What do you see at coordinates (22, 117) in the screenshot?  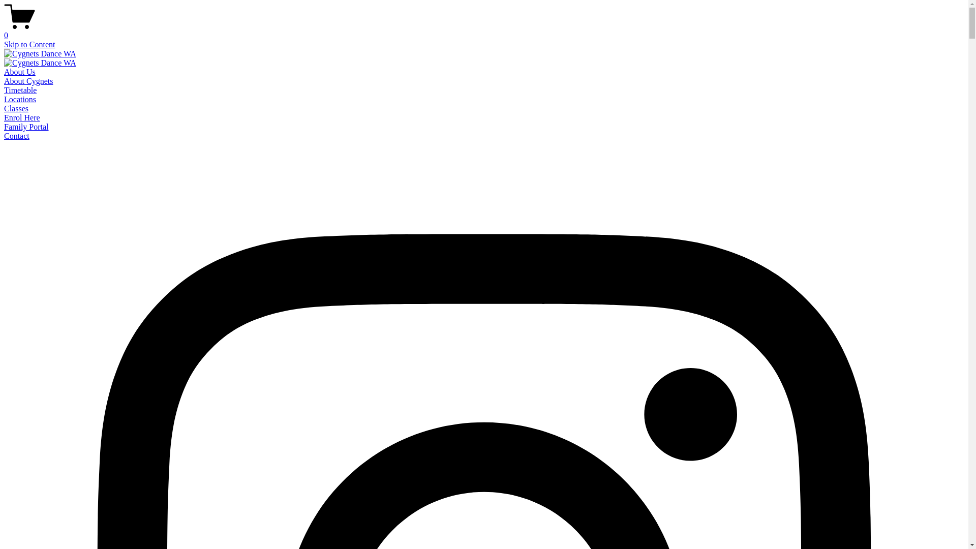 I see `'Enrol Here'` at bounding box center [22, 117].